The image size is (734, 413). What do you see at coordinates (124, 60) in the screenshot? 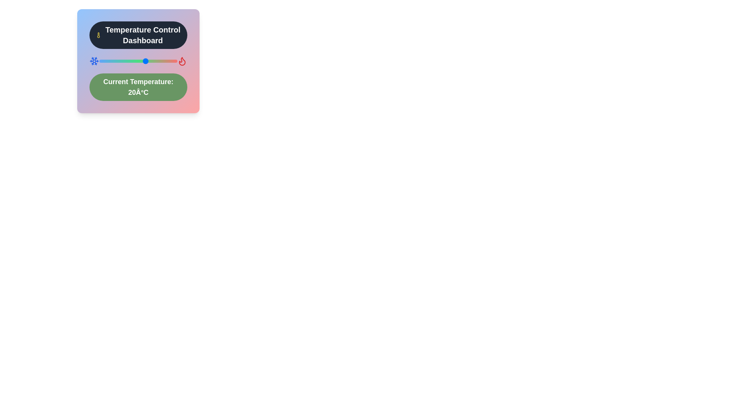
I see `the temperature slider to set the temperature to 6 degrees` at bounding box center [124, 60].